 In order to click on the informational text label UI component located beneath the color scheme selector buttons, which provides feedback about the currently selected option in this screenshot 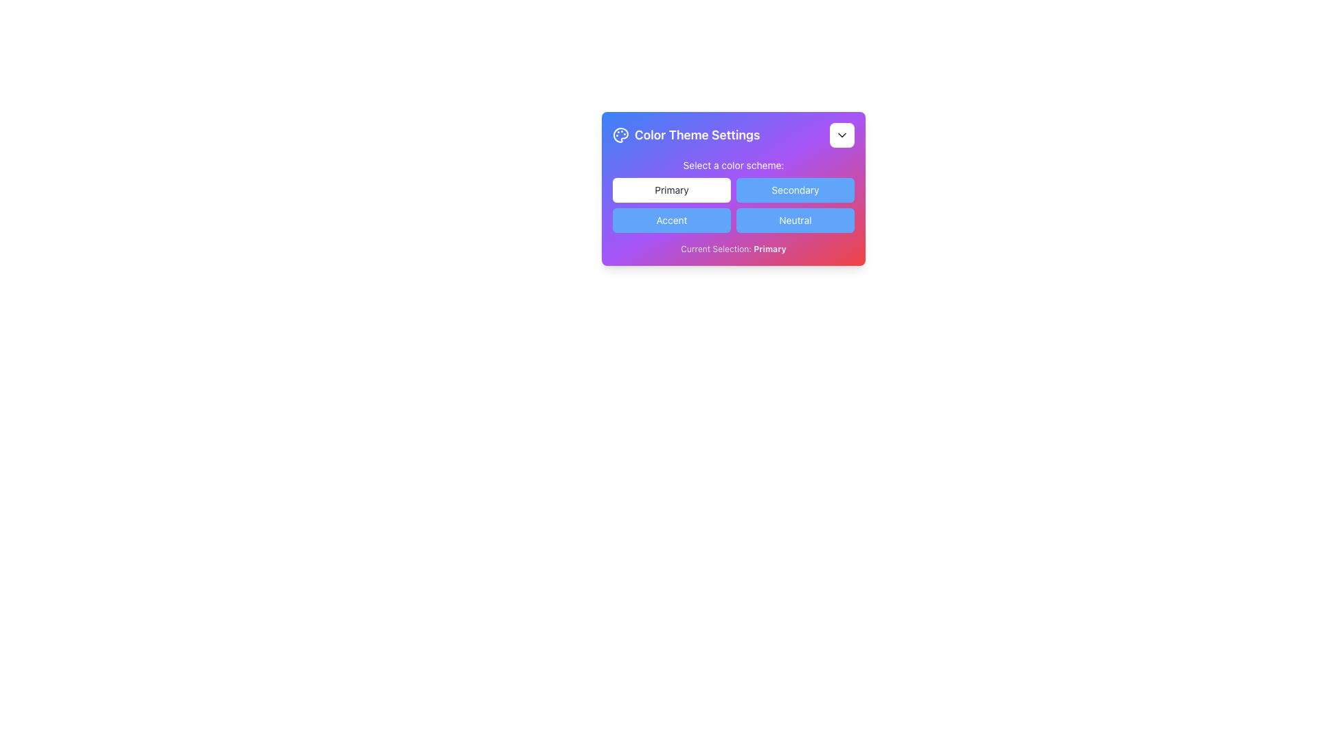, I will do `click(733, 249)`.